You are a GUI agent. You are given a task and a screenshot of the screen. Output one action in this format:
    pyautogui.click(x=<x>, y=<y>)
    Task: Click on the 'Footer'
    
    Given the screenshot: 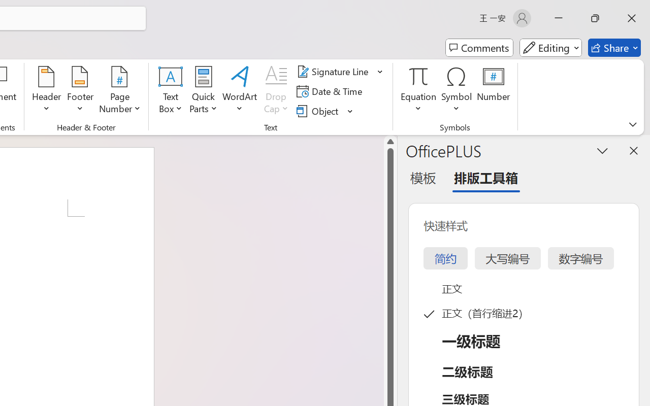 What is the action you would take?
    pyautogui.click(x=80, y=91)
    